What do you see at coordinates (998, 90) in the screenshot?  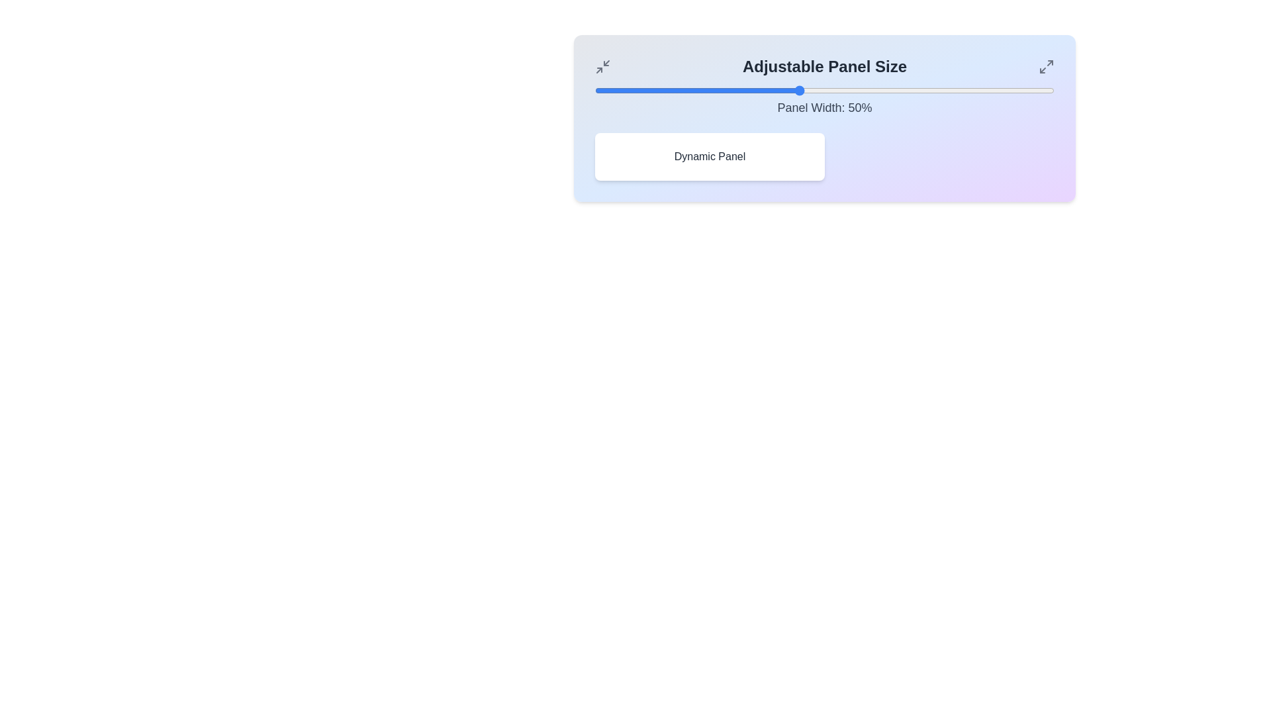 I see `the slider value` at bounding box center [998, 90].